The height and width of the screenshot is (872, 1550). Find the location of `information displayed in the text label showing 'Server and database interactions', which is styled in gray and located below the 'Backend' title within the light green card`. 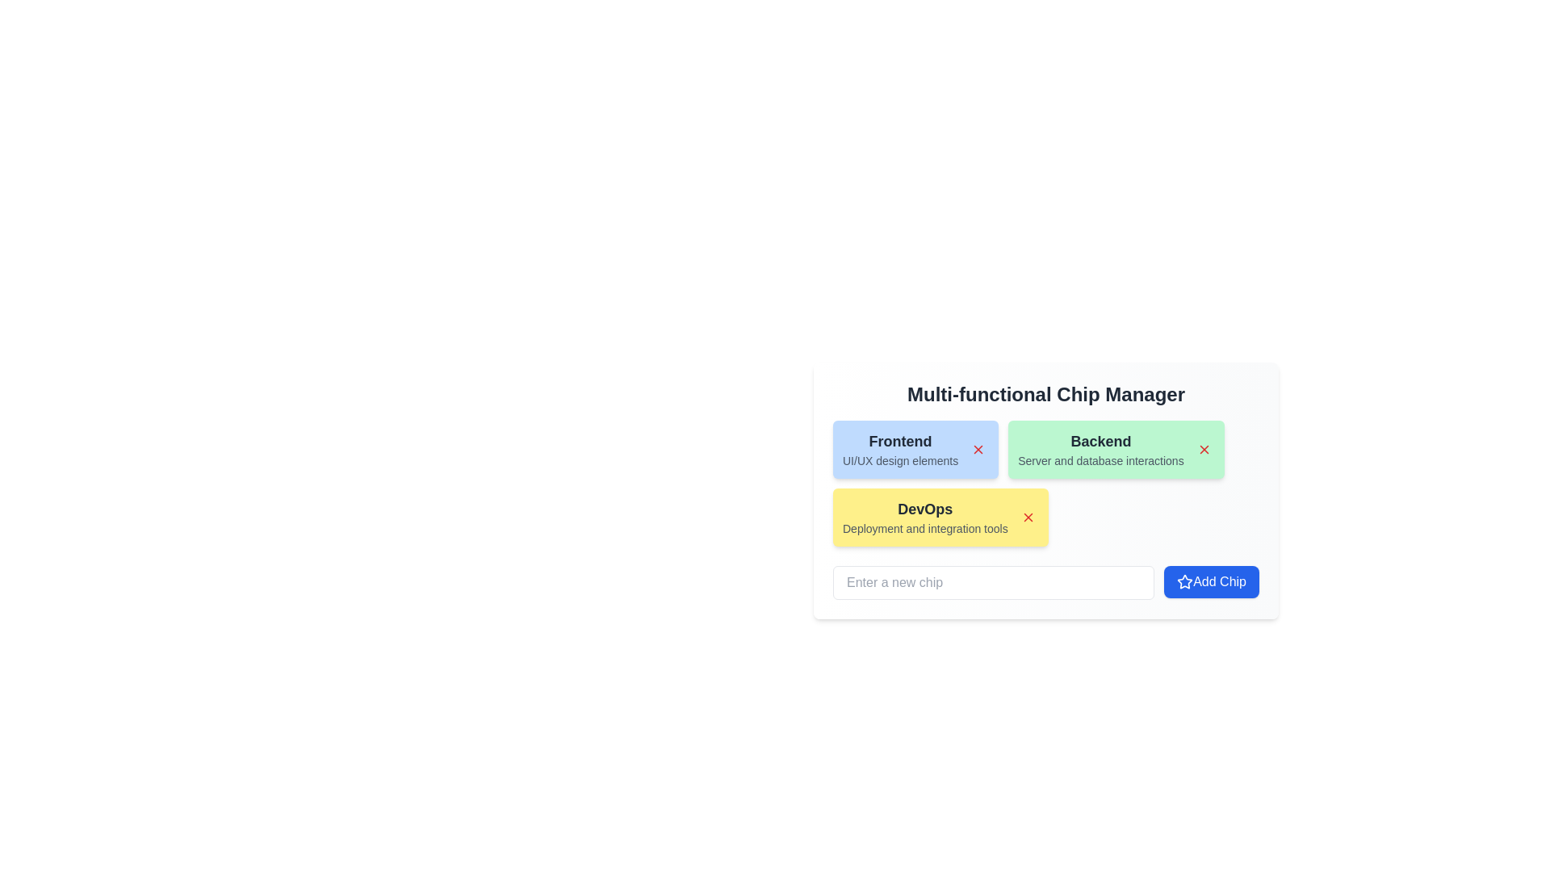

information displayed in the text label showing 'Server and database interactions', which is styled in gray and located below the 'Backend' title within the light green card is located at coordinates (1100, 460).